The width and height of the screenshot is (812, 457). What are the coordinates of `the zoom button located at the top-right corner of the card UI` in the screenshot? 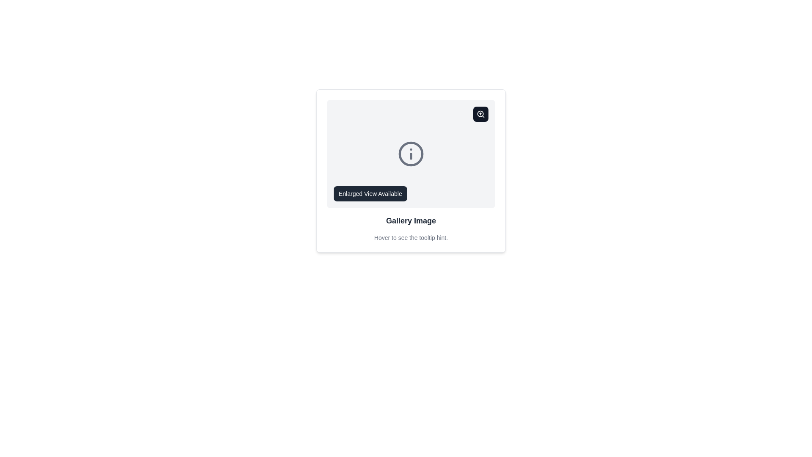 It's located at (481, 114).